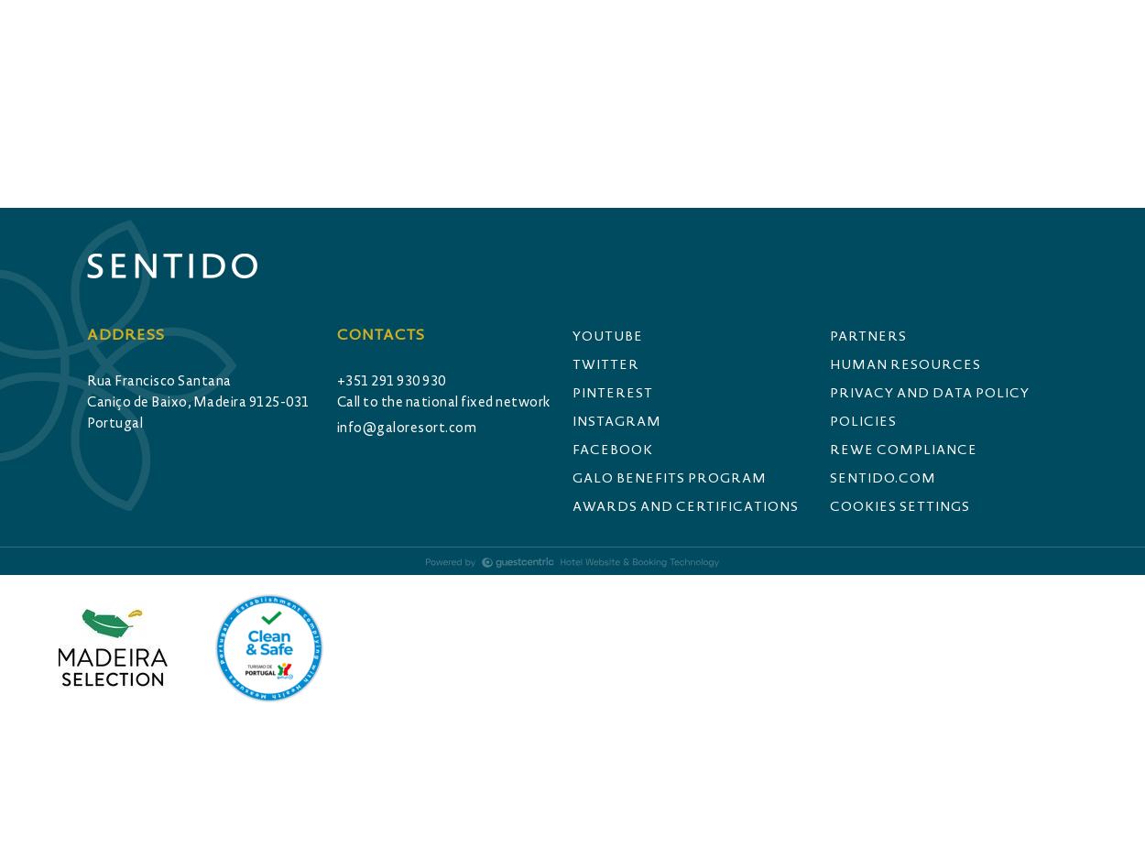 The width and height of the screenshot is (1145, 868). I want to click on 'sentido.com', so click(881, 478).